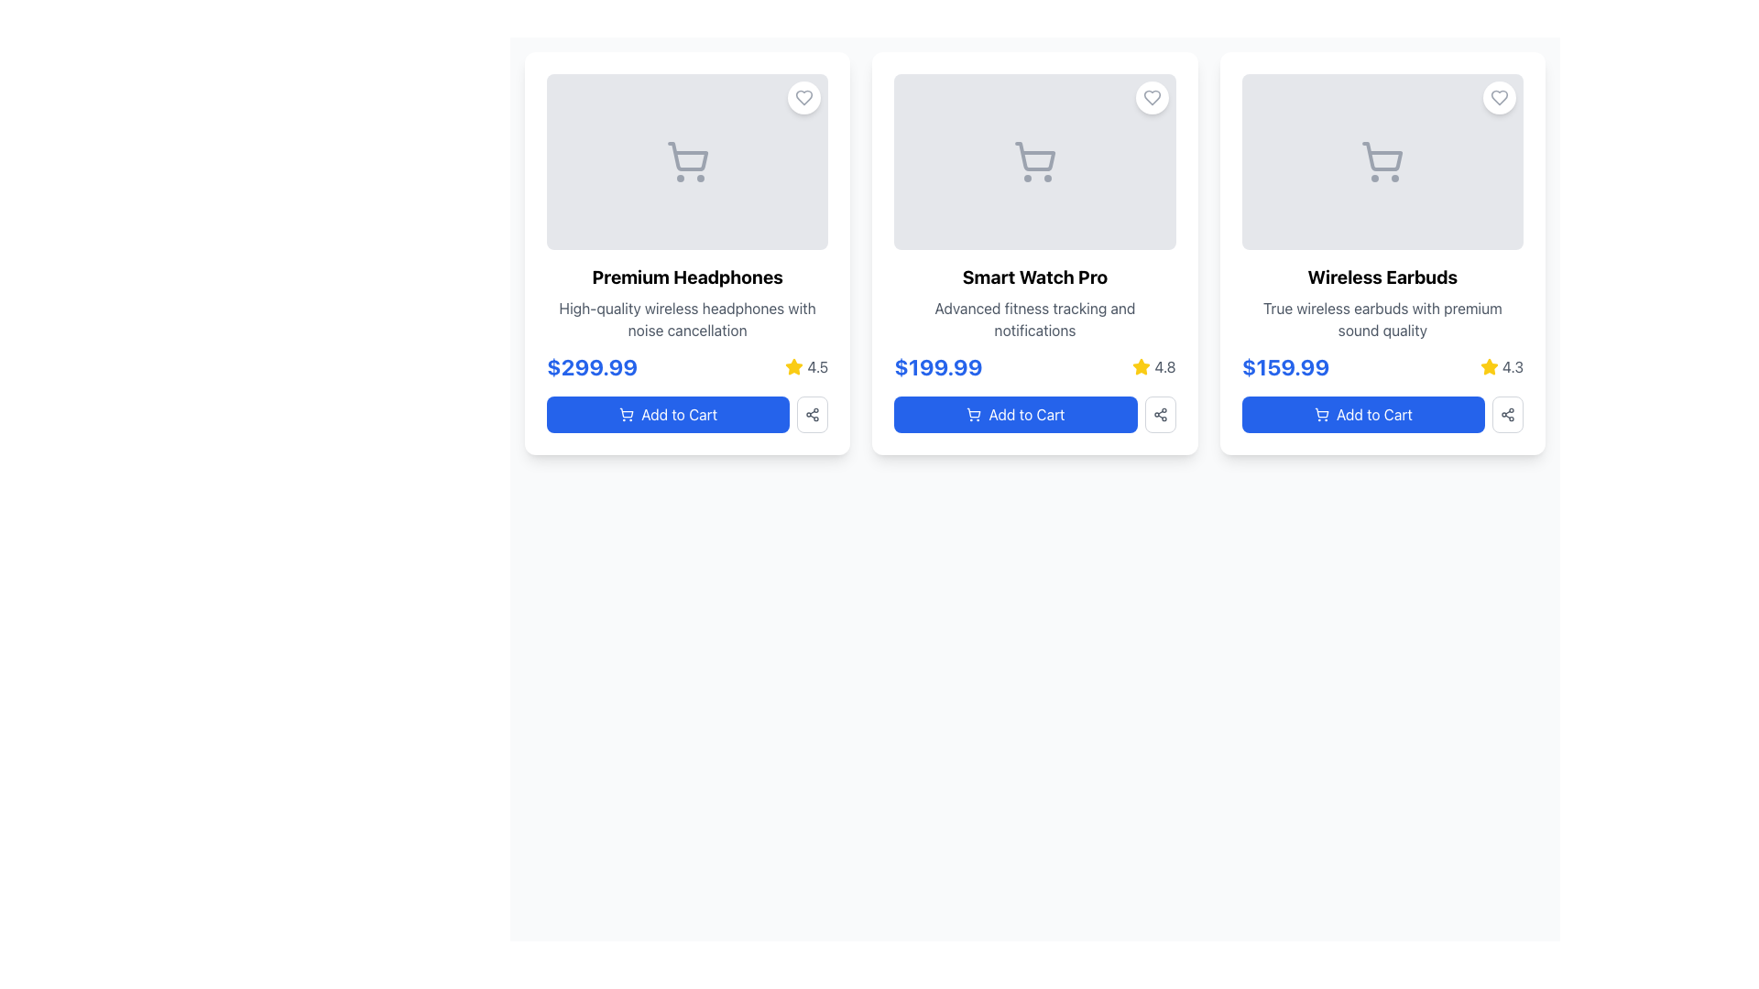 Image resolution: width=1759 pixels, height=989 pixels. I want to click on the Heart icon located at the top-right corner of the 'Smart Watch Pro' product card, so click(1151, 98).